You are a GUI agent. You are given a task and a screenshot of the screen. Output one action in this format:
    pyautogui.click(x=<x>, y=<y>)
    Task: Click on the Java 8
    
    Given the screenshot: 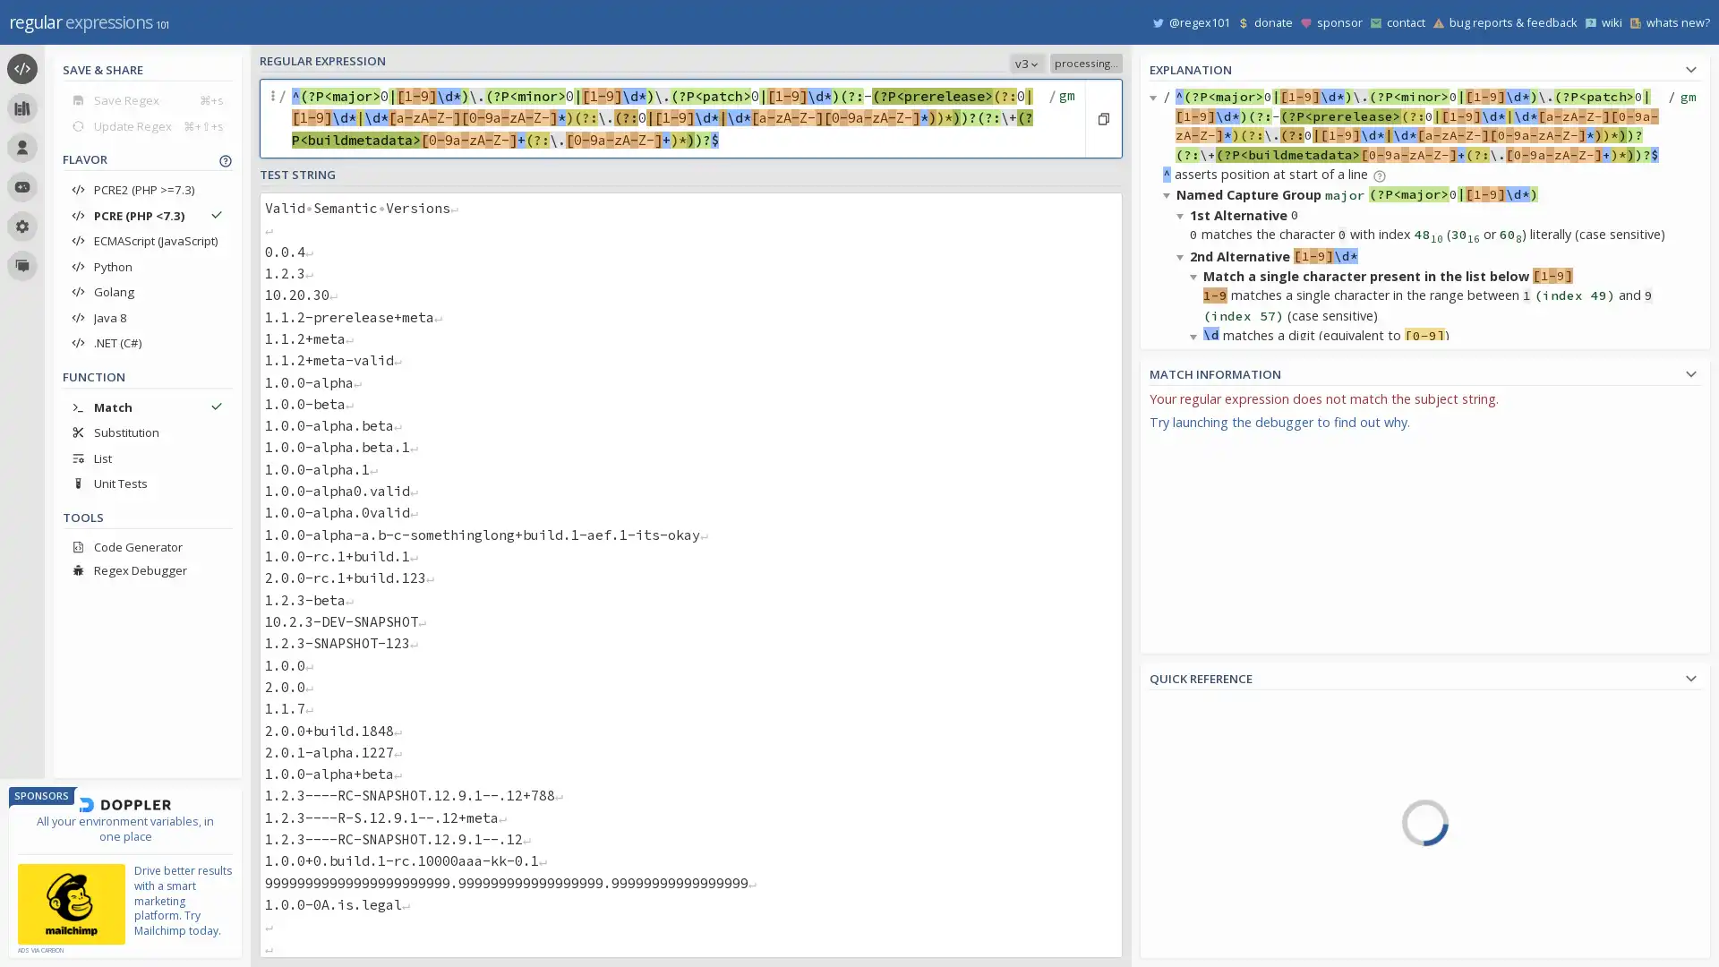 What is the action you would take?
    pyautogui.click(x=147, y=316)
    